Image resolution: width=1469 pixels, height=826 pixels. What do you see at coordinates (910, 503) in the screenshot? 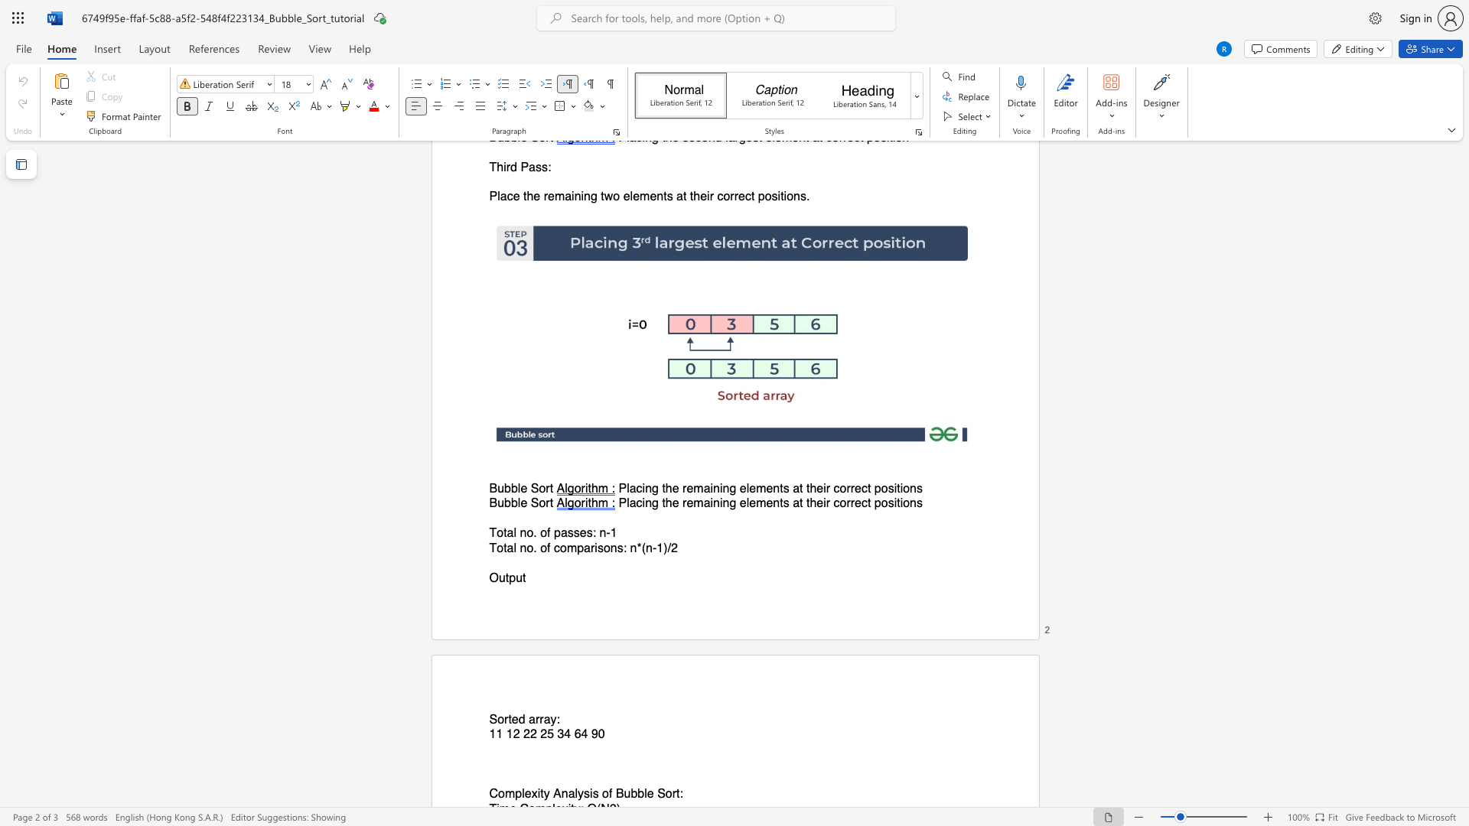
I see `the subset text "ns" within the text "Placing the remaining elements at their correct positions"` at bounding box center [910, 503].